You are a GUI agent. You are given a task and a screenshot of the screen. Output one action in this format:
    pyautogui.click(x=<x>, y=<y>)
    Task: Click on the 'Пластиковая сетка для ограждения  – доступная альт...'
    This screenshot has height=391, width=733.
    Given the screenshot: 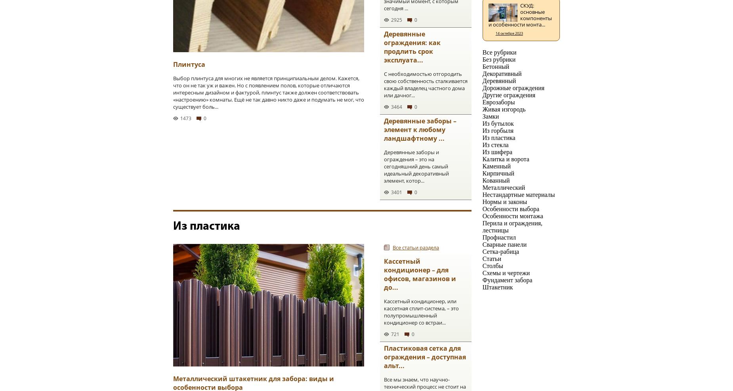 What is the action you would take?
    pyautogui.click(x=384, y=356)
    